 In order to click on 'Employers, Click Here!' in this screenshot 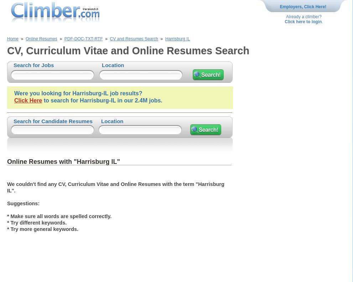, I will do `click(302, 6)`.